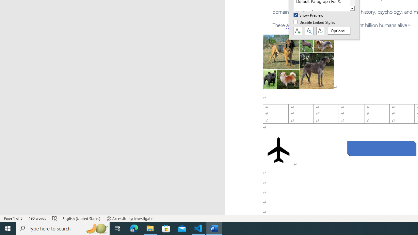  What do you see at coordinates (81, 218) in the screenshot?
I see `'Language English (United States)'` at bounding box center [81, 218].